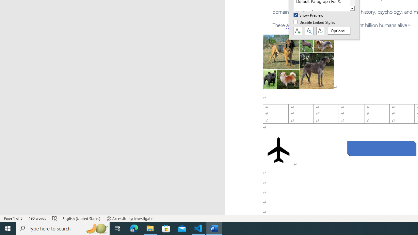  What do you see at coordinates (81, 218) in the screenshot?
I see `'Language English (United States)'` at bounding box center [81, 218].